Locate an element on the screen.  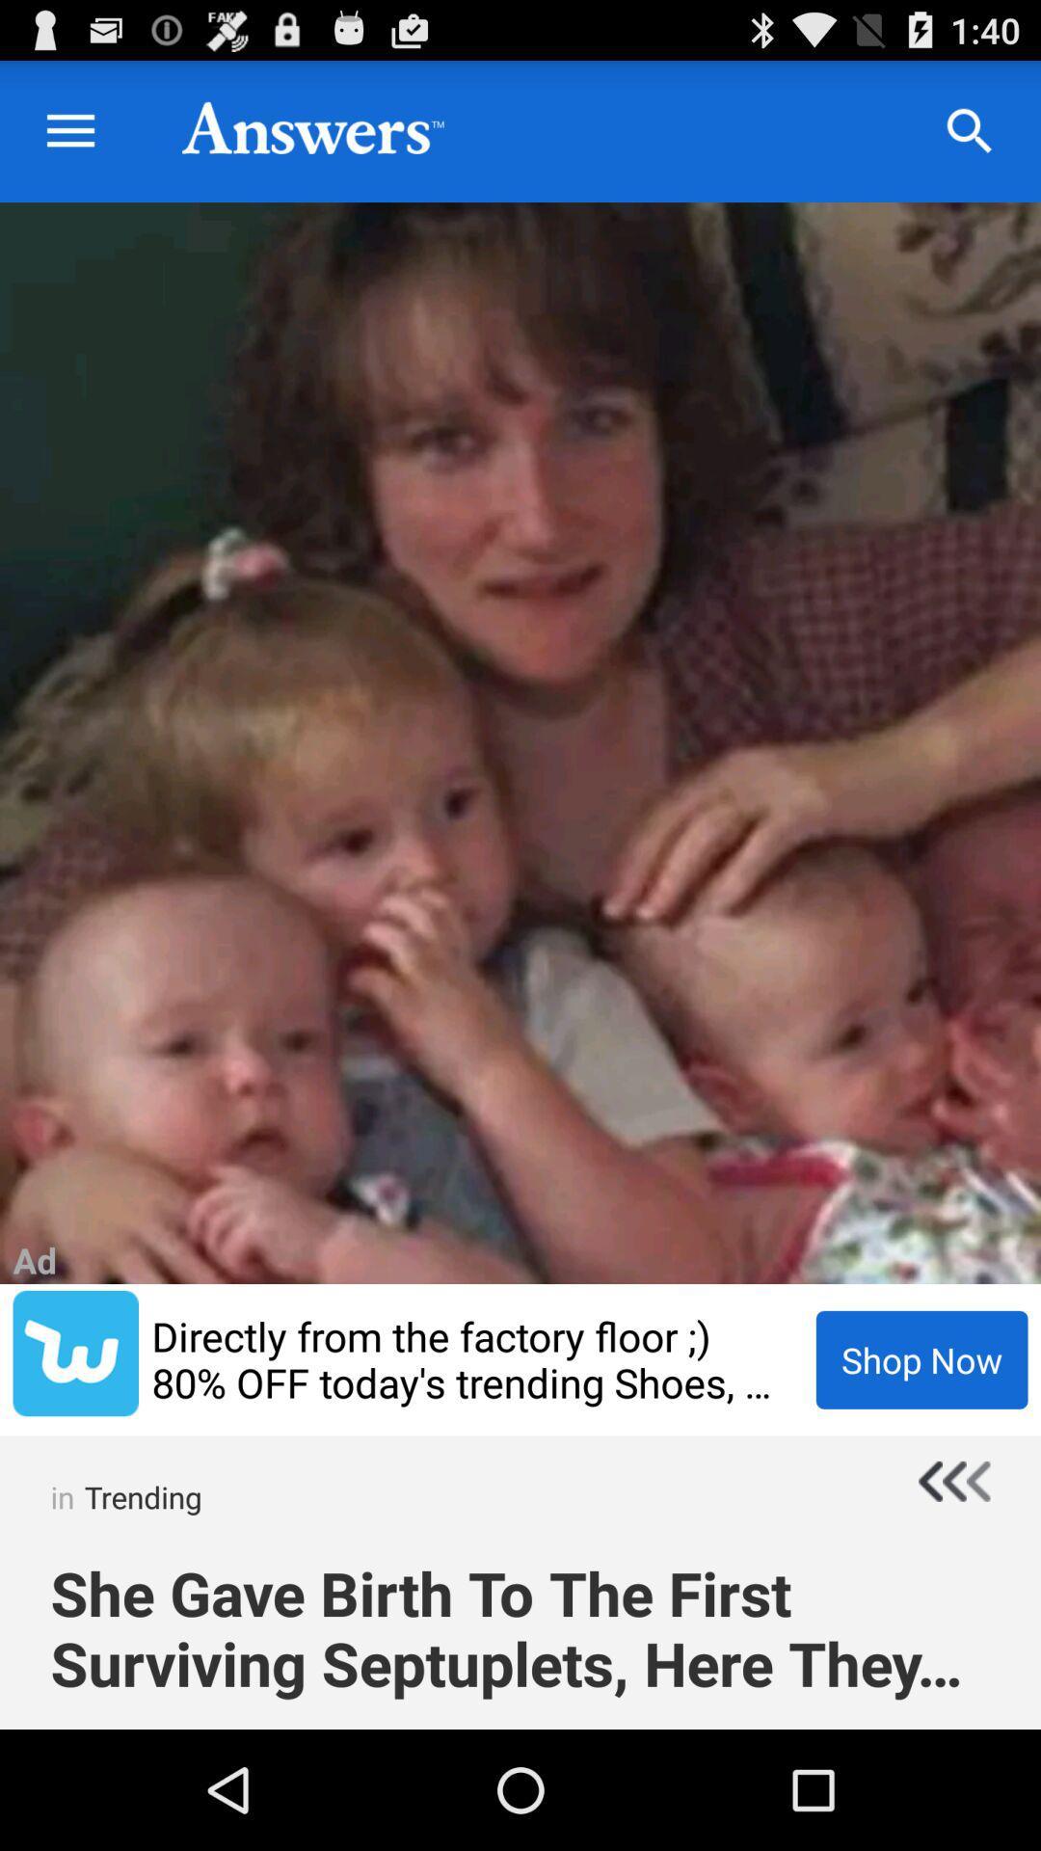
the menu icon is located at coordinates (69, 140).